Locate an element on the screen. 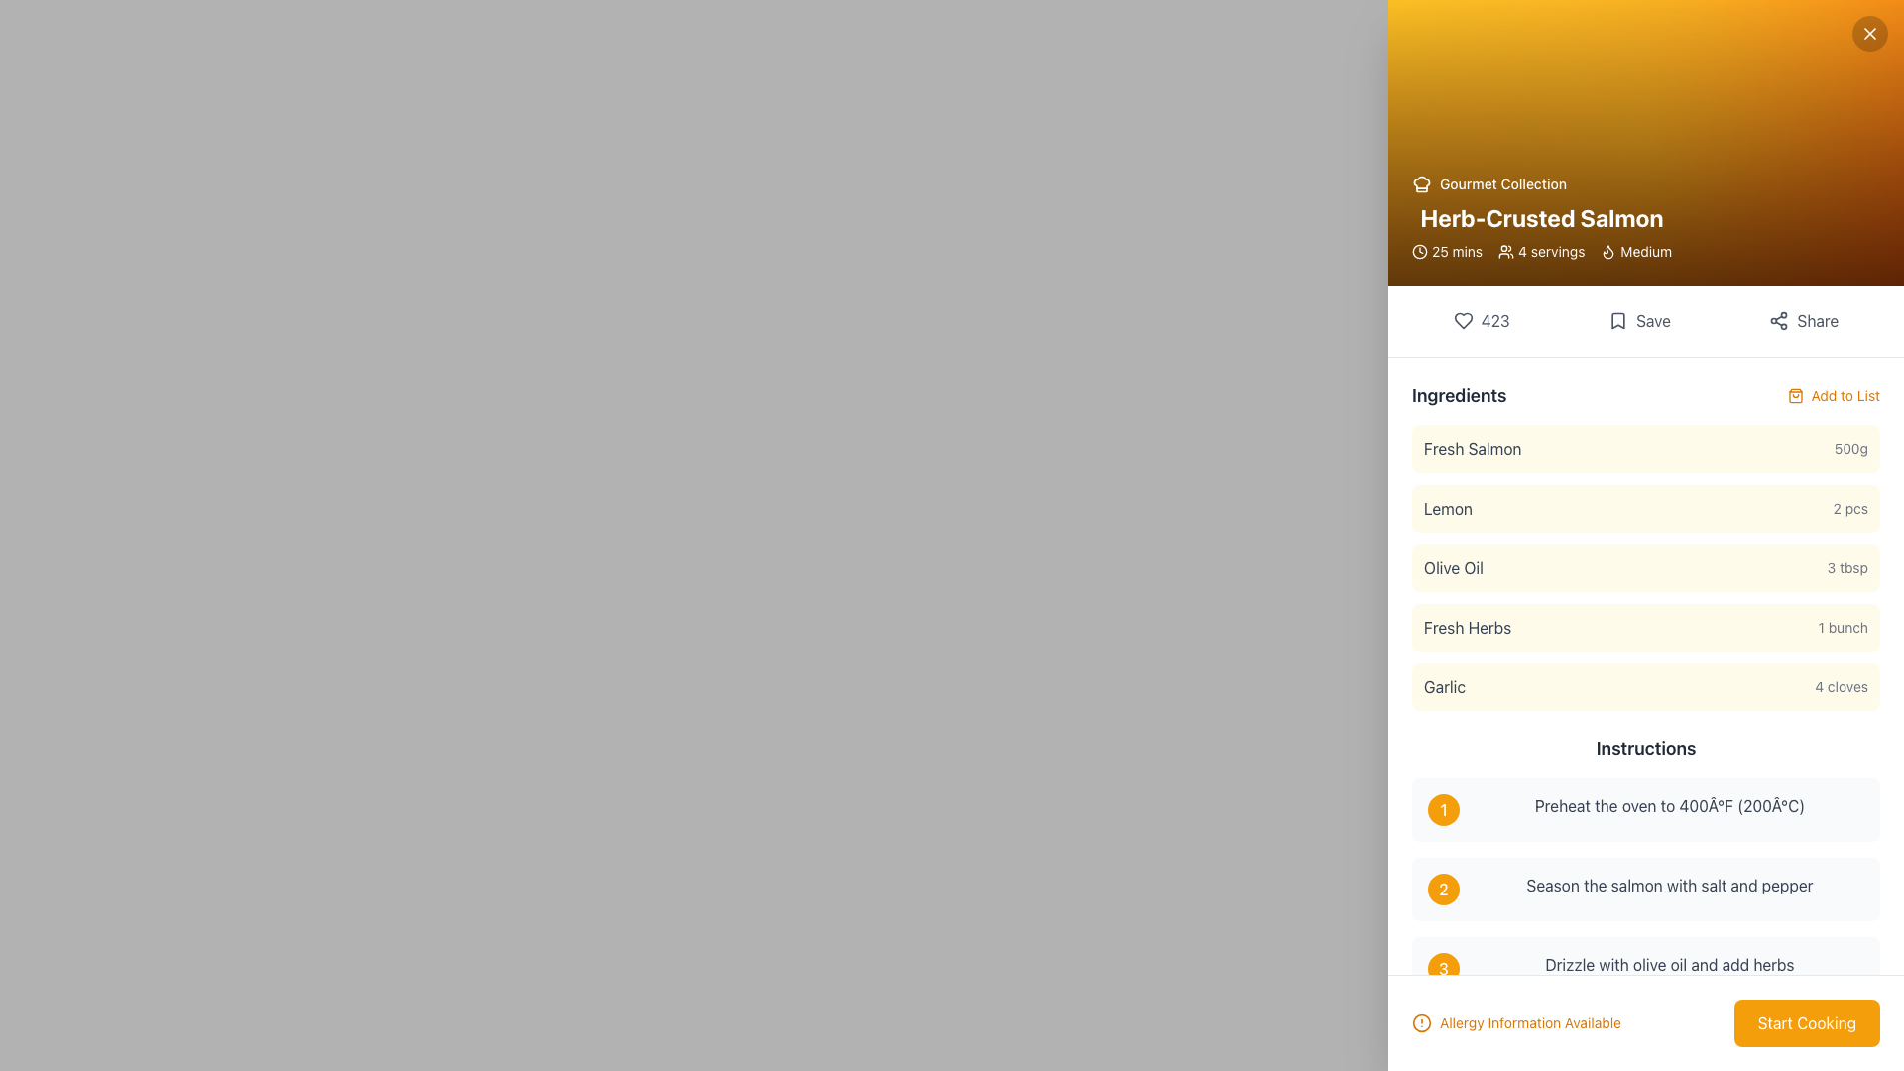 The image size is (1904, 1071). the numeric text label displaying '423', which is located in the top-right section of the recipe detail panel, adjacent to the heart icon is located at coordinates (1495, 320).